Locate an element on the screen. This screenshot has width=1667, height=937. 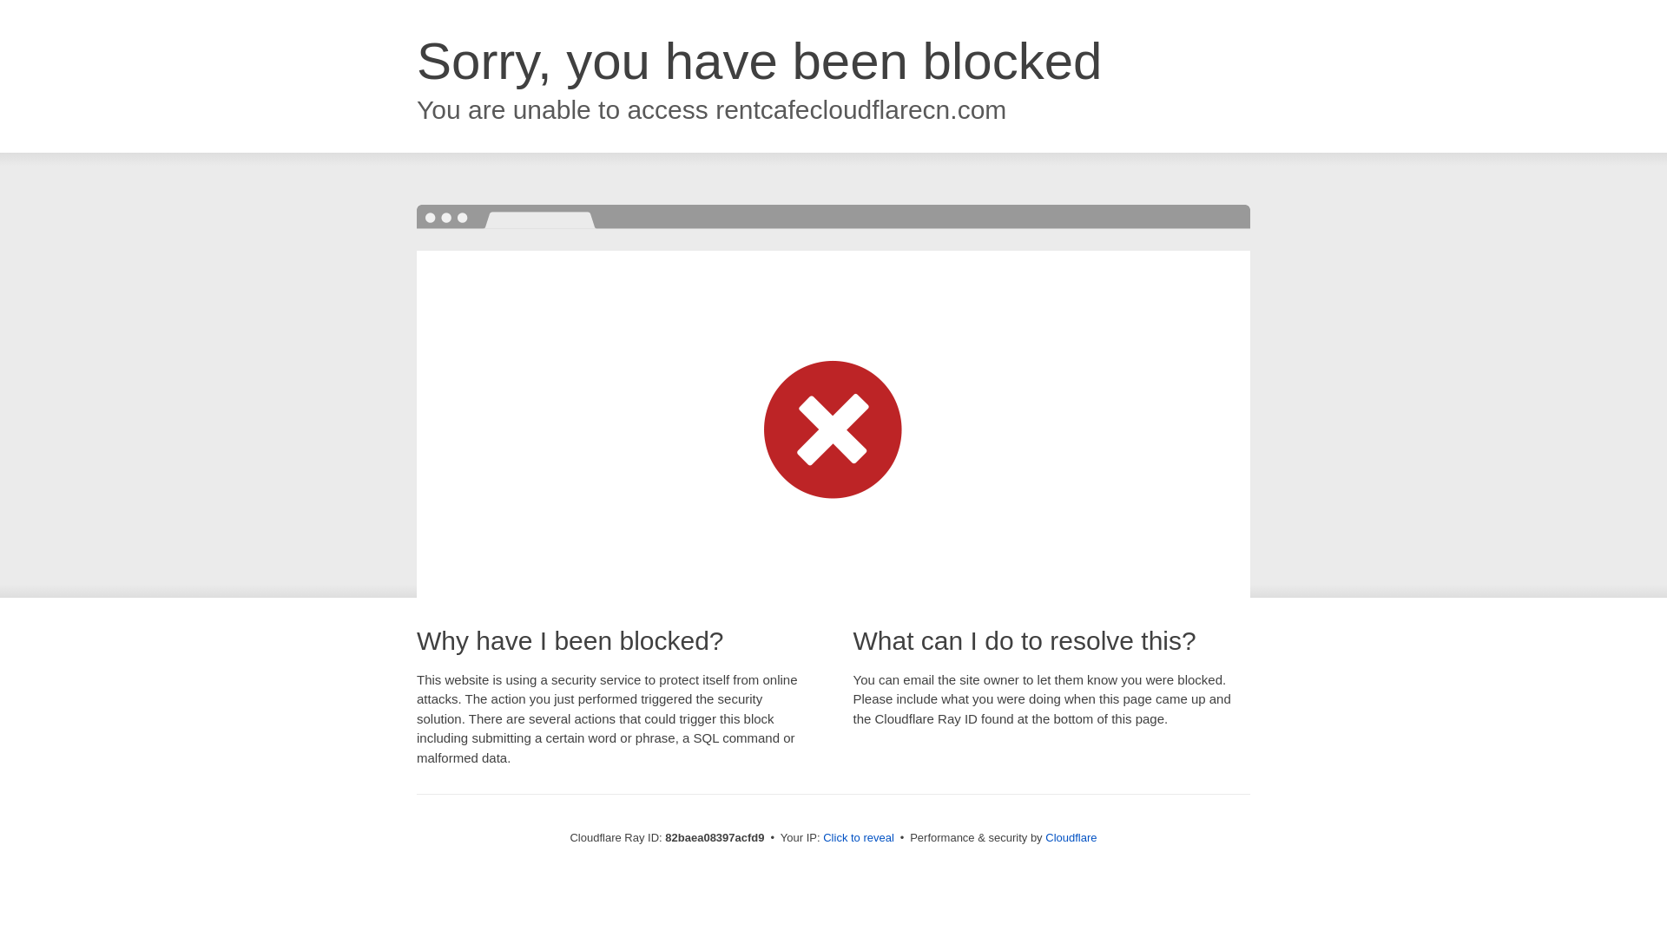
'Click to reveal' is located at coordinates (858, 836).